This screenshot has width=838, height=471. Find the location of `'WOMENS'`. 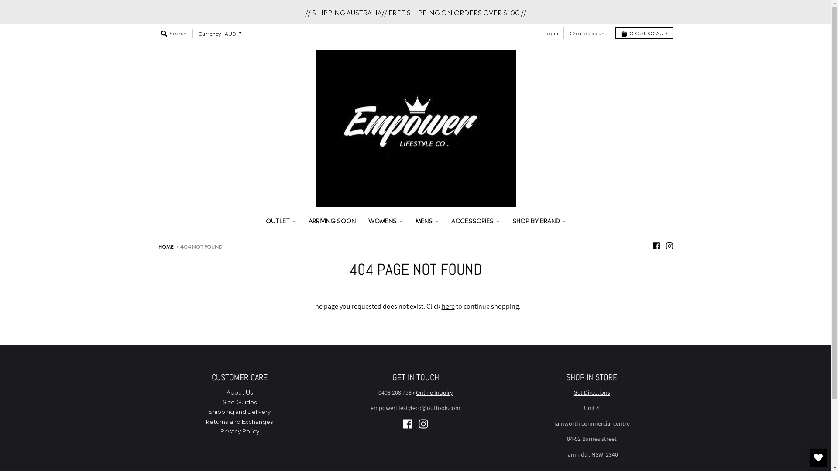

'WOMENS' is located at coordinates (385, 220).